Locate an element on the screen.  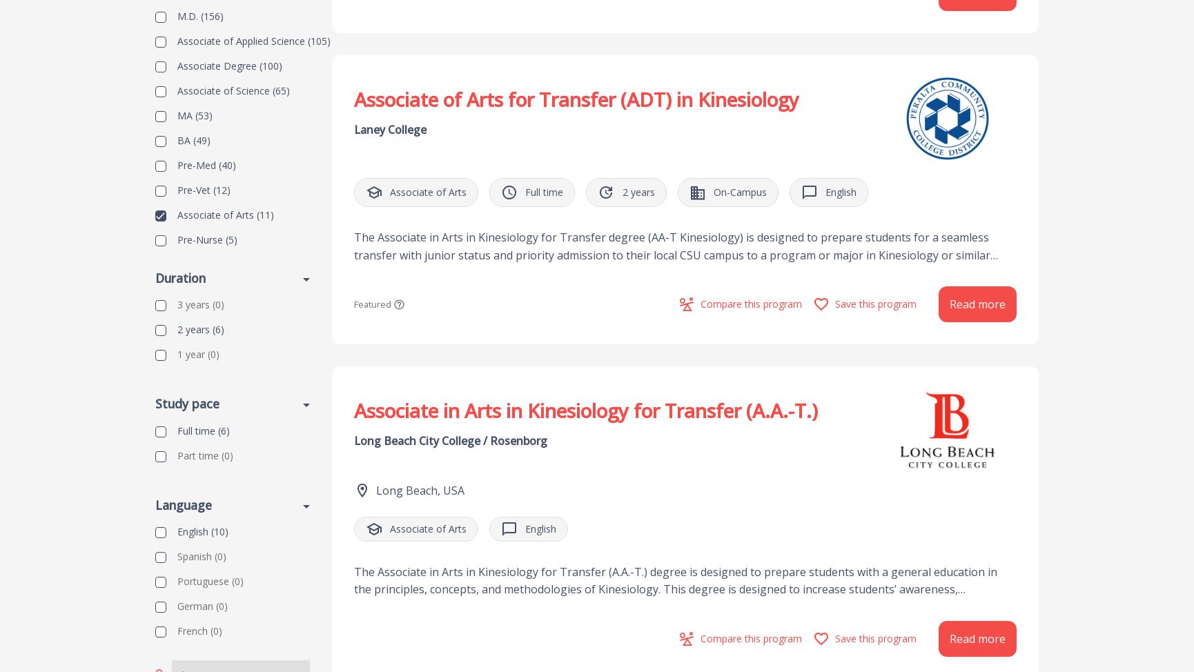
'German' is located at coordinates (195, 605).